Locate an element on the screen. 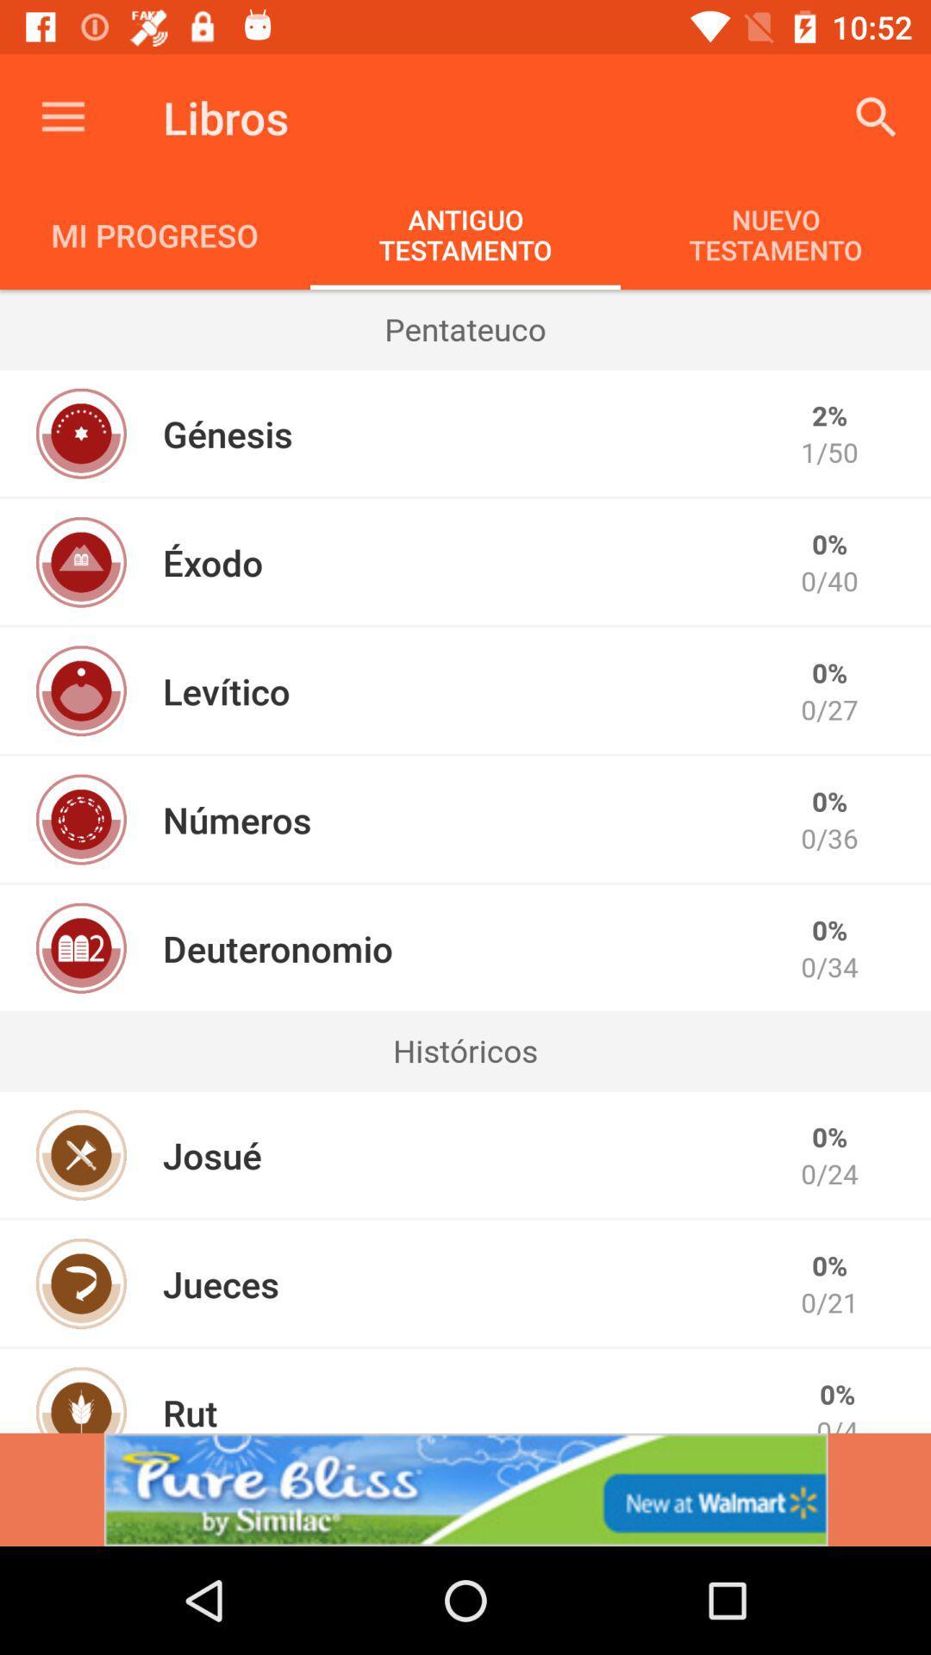  icon to the left of the 0/27 is located at coordinates (225, 690).